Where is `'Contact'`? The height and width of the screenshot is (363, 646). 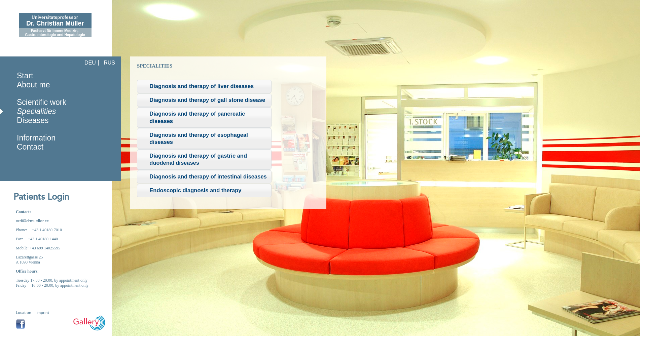 'Contact' is located at coordinates (30, 146).